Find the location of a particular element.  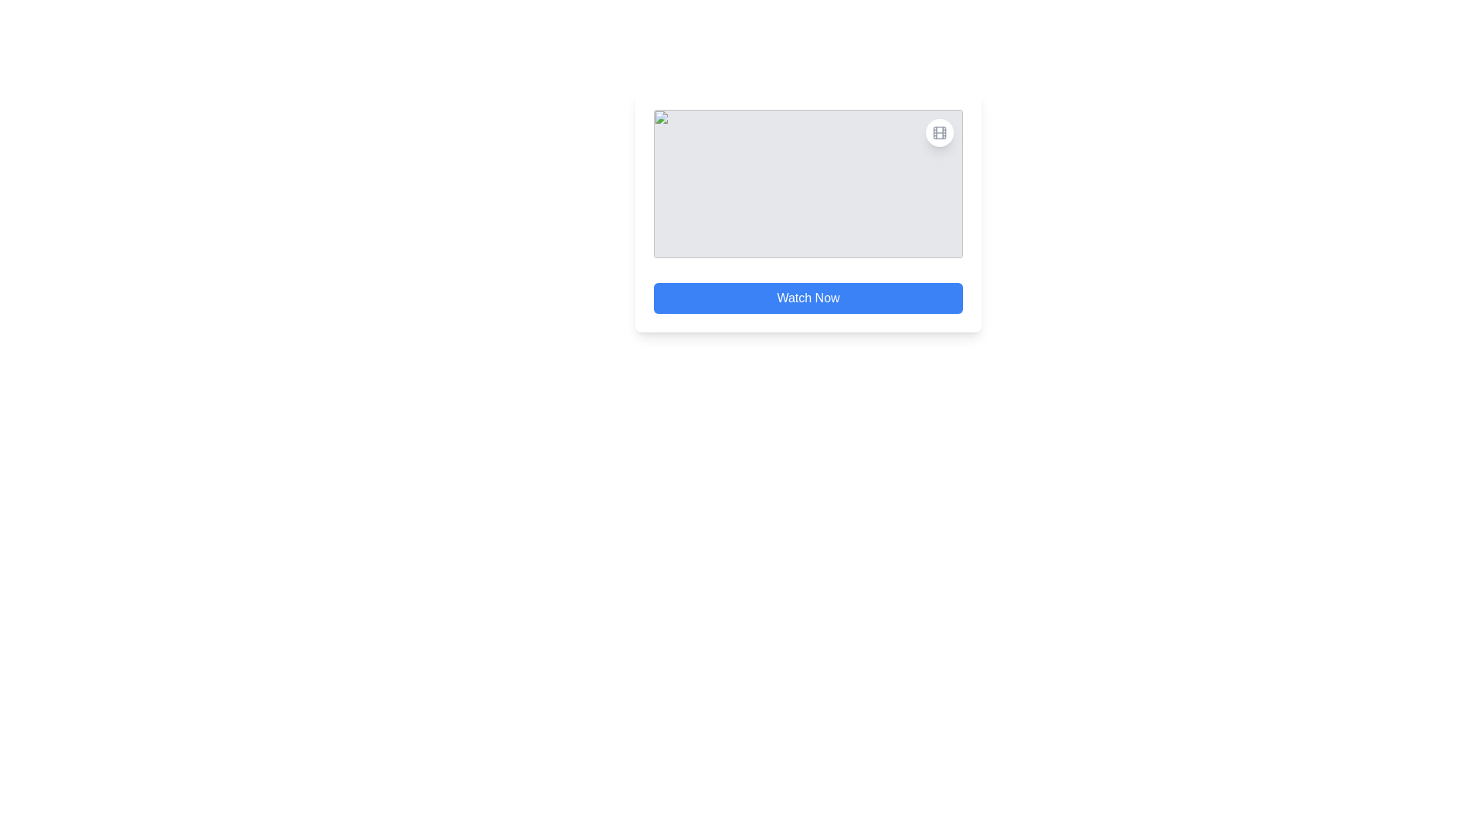

the action trigger button located in the top-right corner of the gray rectangular card with a rounded border is located at coordinates (938, 132).